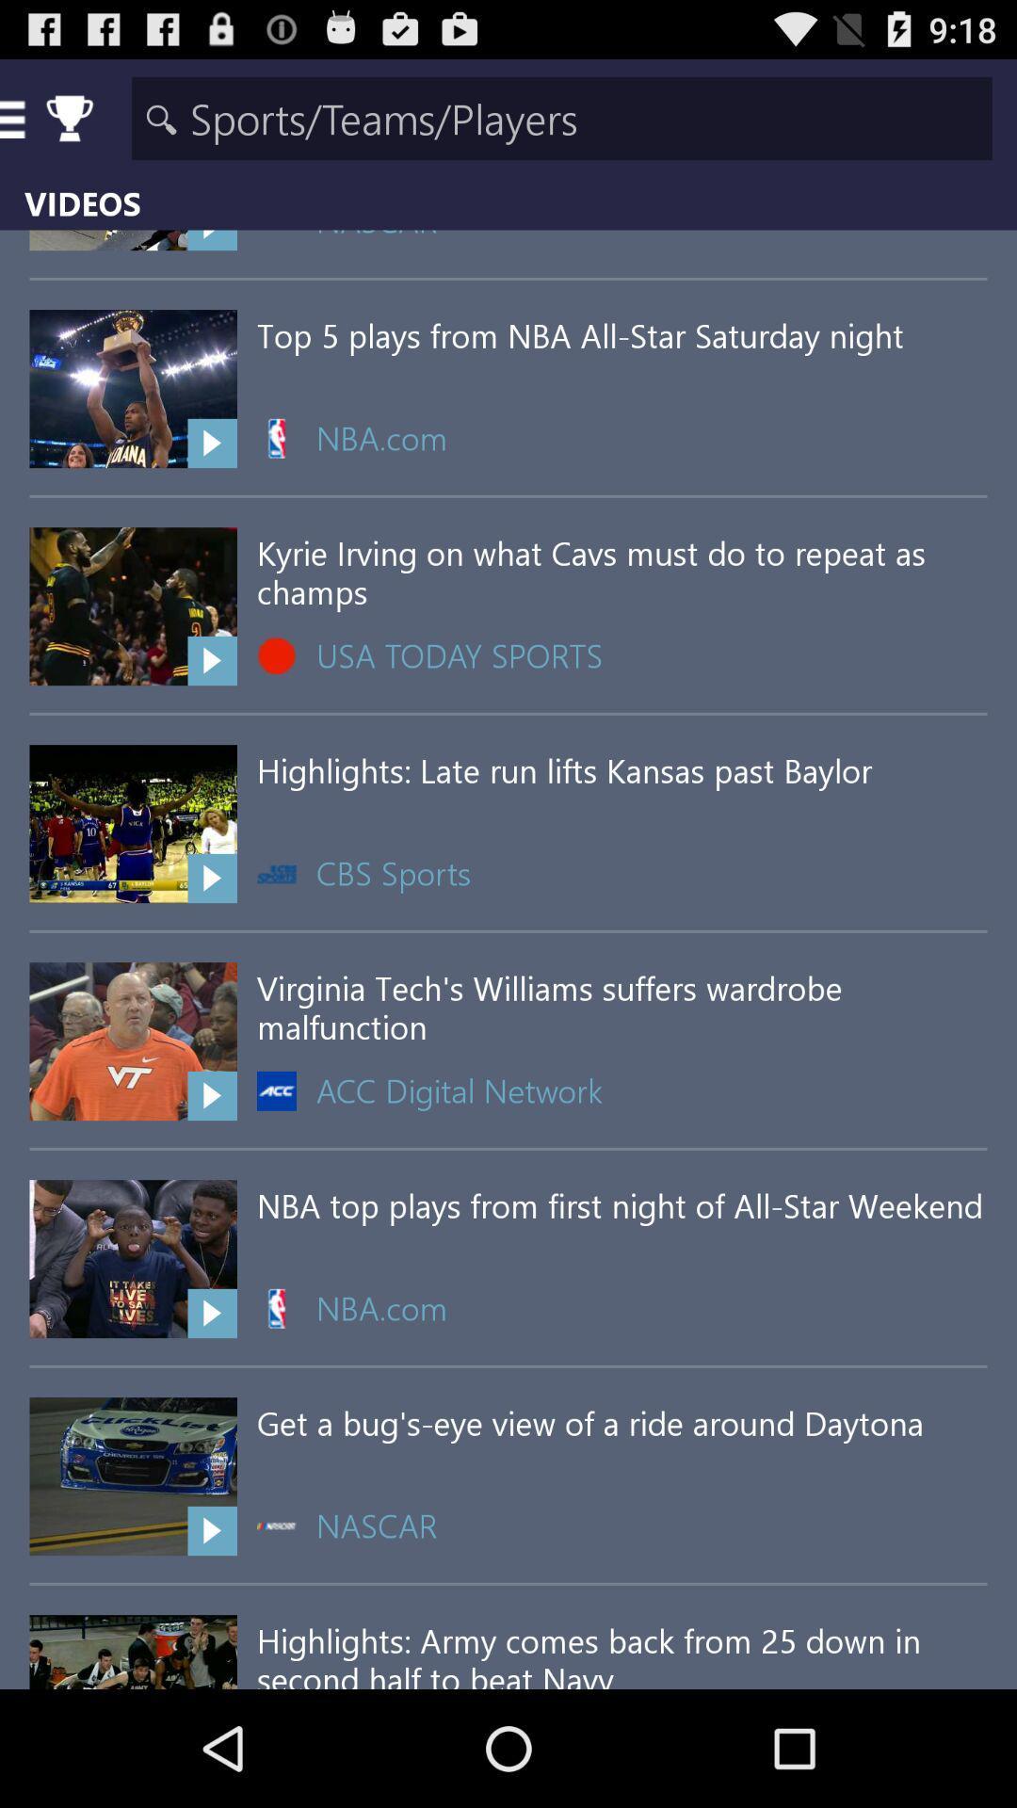  Describe the element at coordinates (561, 117) in the screenshot. I see `item above the videos item` at that location.